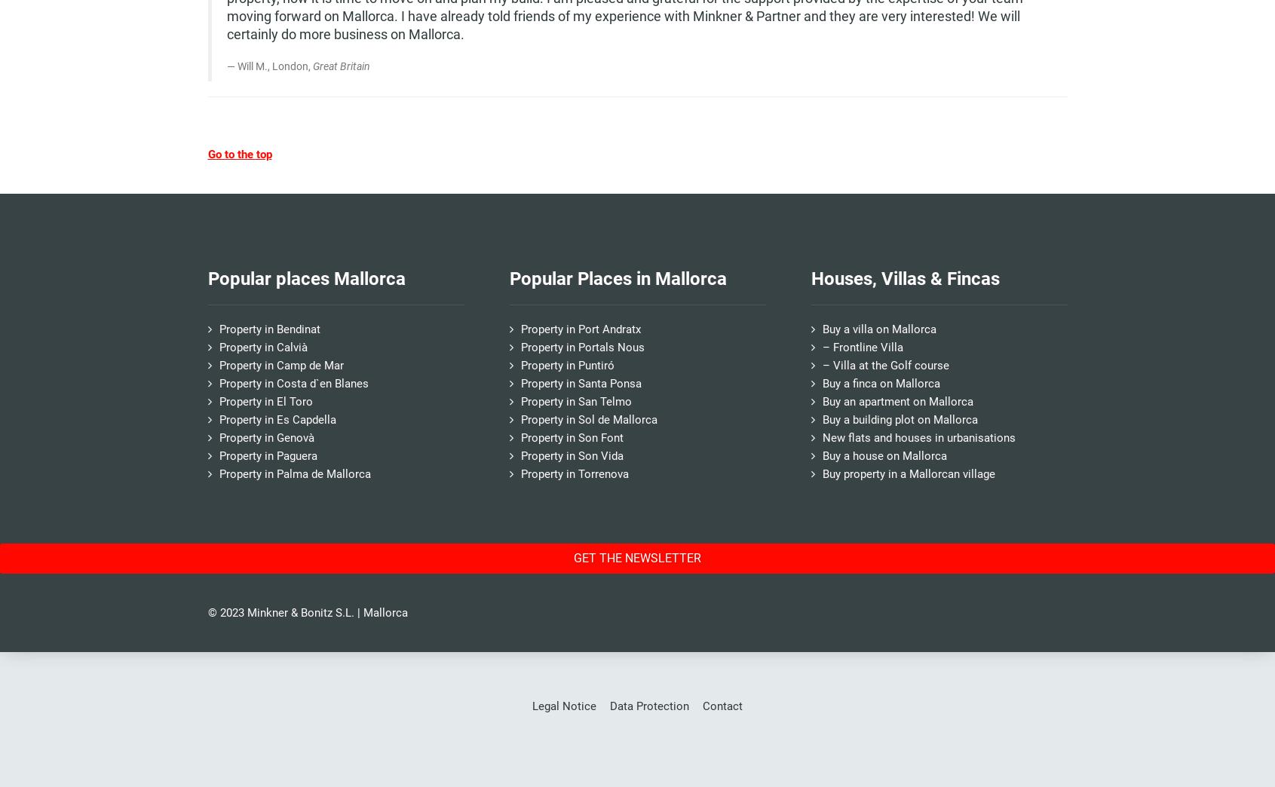  I want to click on 'Property in Sol de Mallorca', so click(519, 418).